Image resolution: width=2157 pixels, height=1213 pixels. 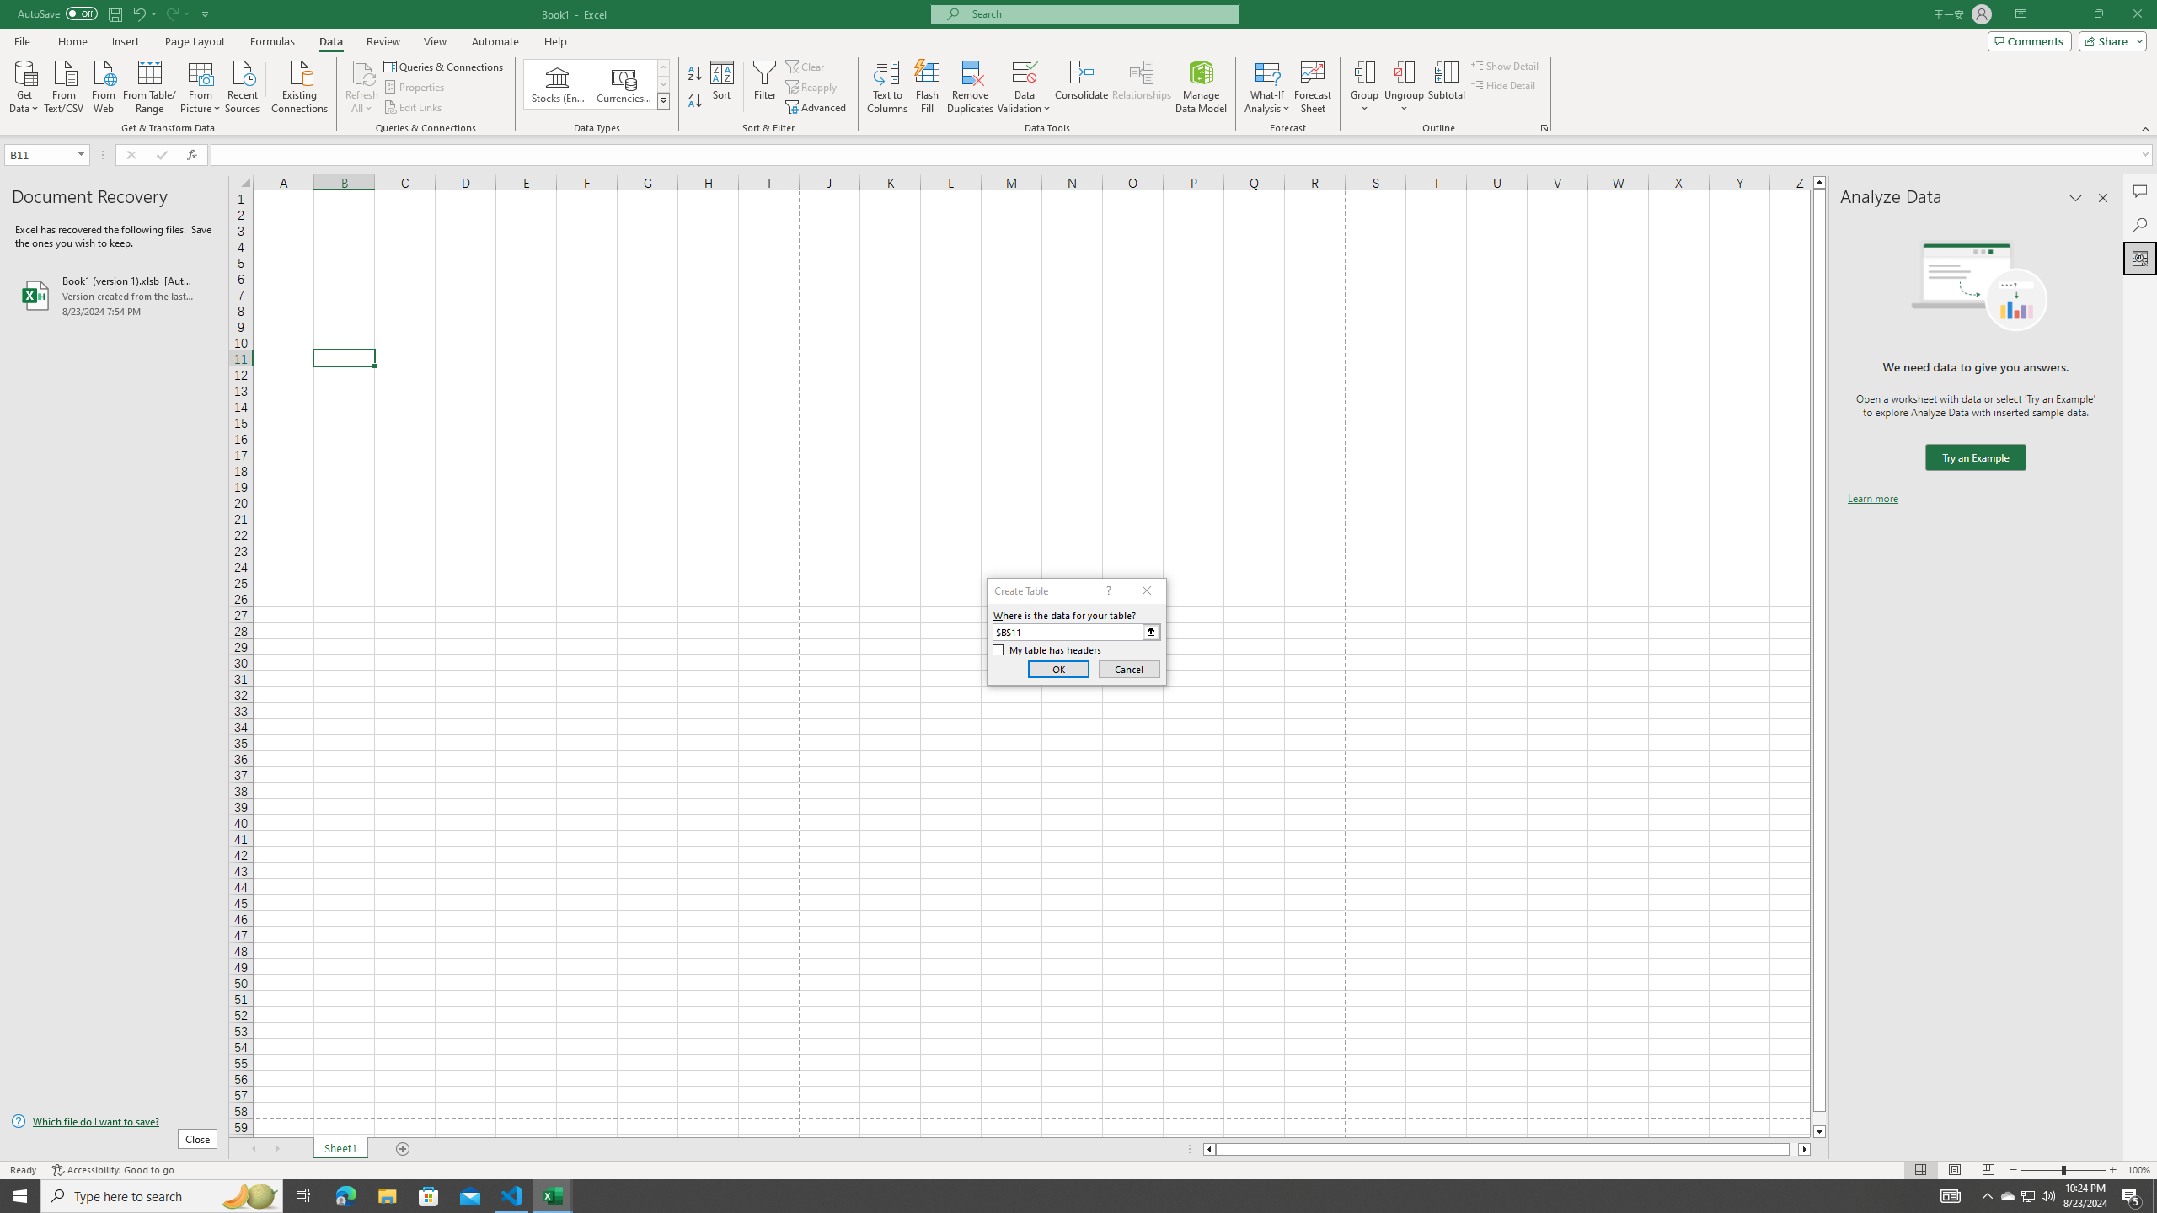 What do you see at coordinates (58, 13) in the screenshot?
I see `'AutoSave'` at bounding box center [58, 13].